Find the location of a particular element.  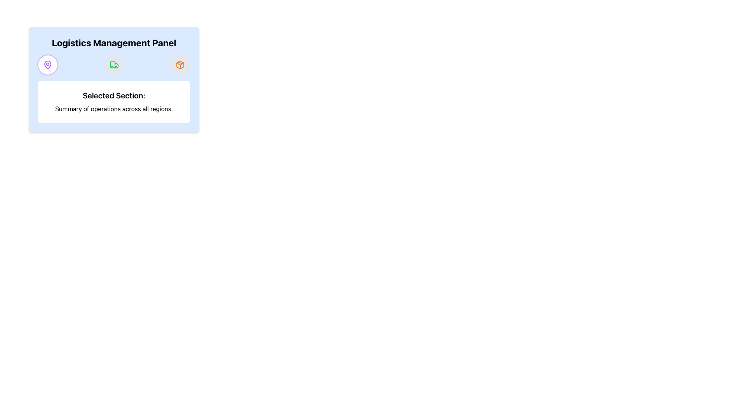

the circular button with a gray background and orange package icon, located in the Logistics Management Panel at the rightmost position is located at coordinates (180, 64).